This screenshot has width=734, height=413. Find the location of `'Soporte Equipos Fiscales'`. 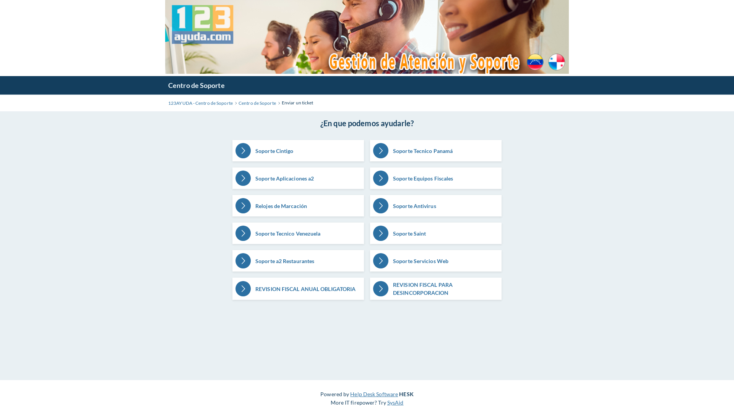

'Soporte Equipos Fiscales' is located at coordinates (436, 178).